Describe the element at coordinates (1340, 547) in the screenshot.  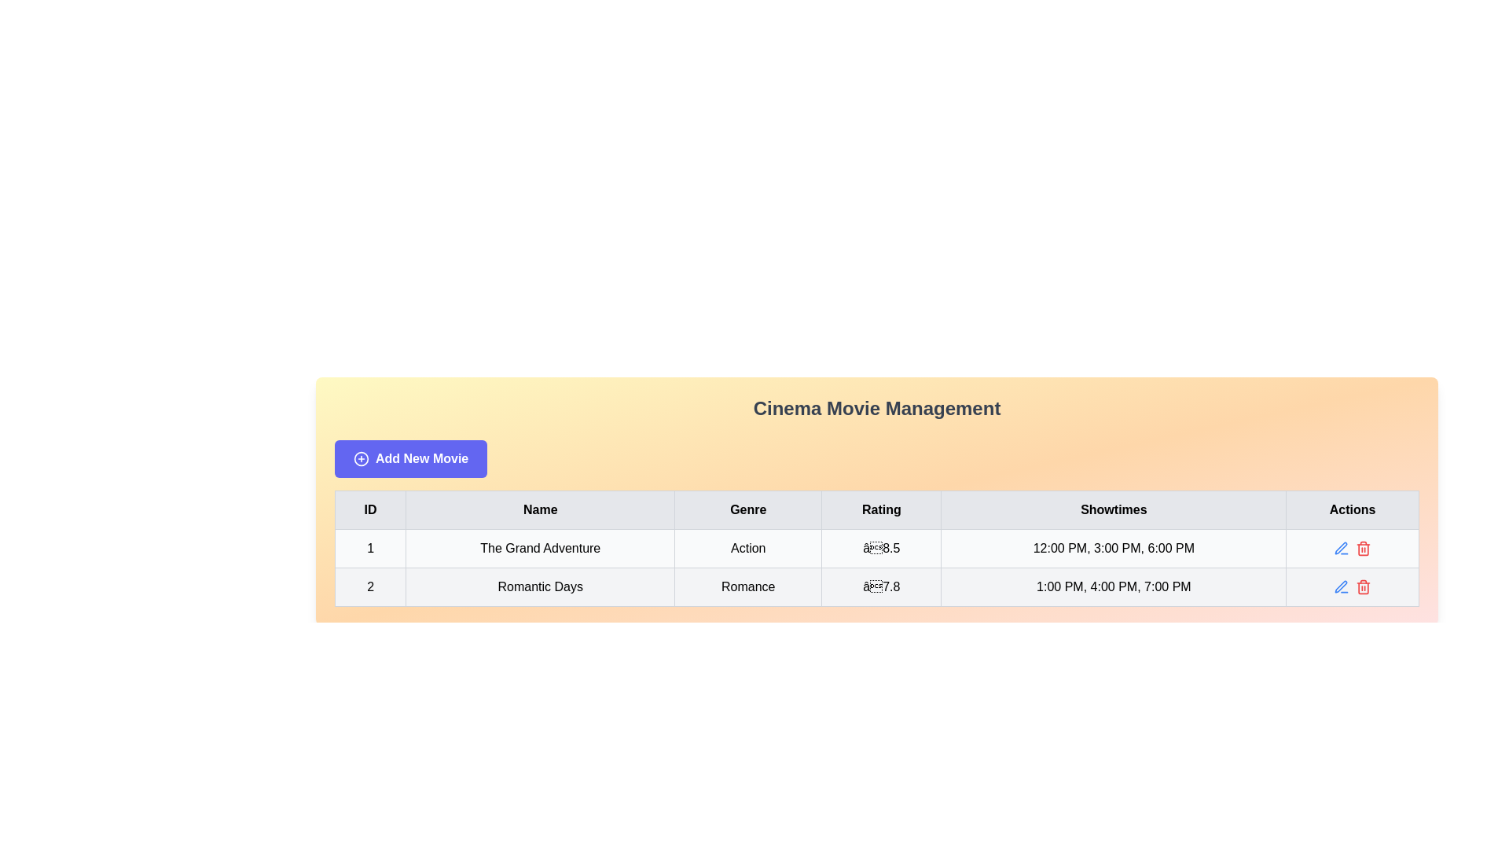
I see `the edit icon representing the functionality to modify the associated movie entry, located in the 'Actions' column of the second row of the table under the 'Cinema Movie Management' heading` at that location.